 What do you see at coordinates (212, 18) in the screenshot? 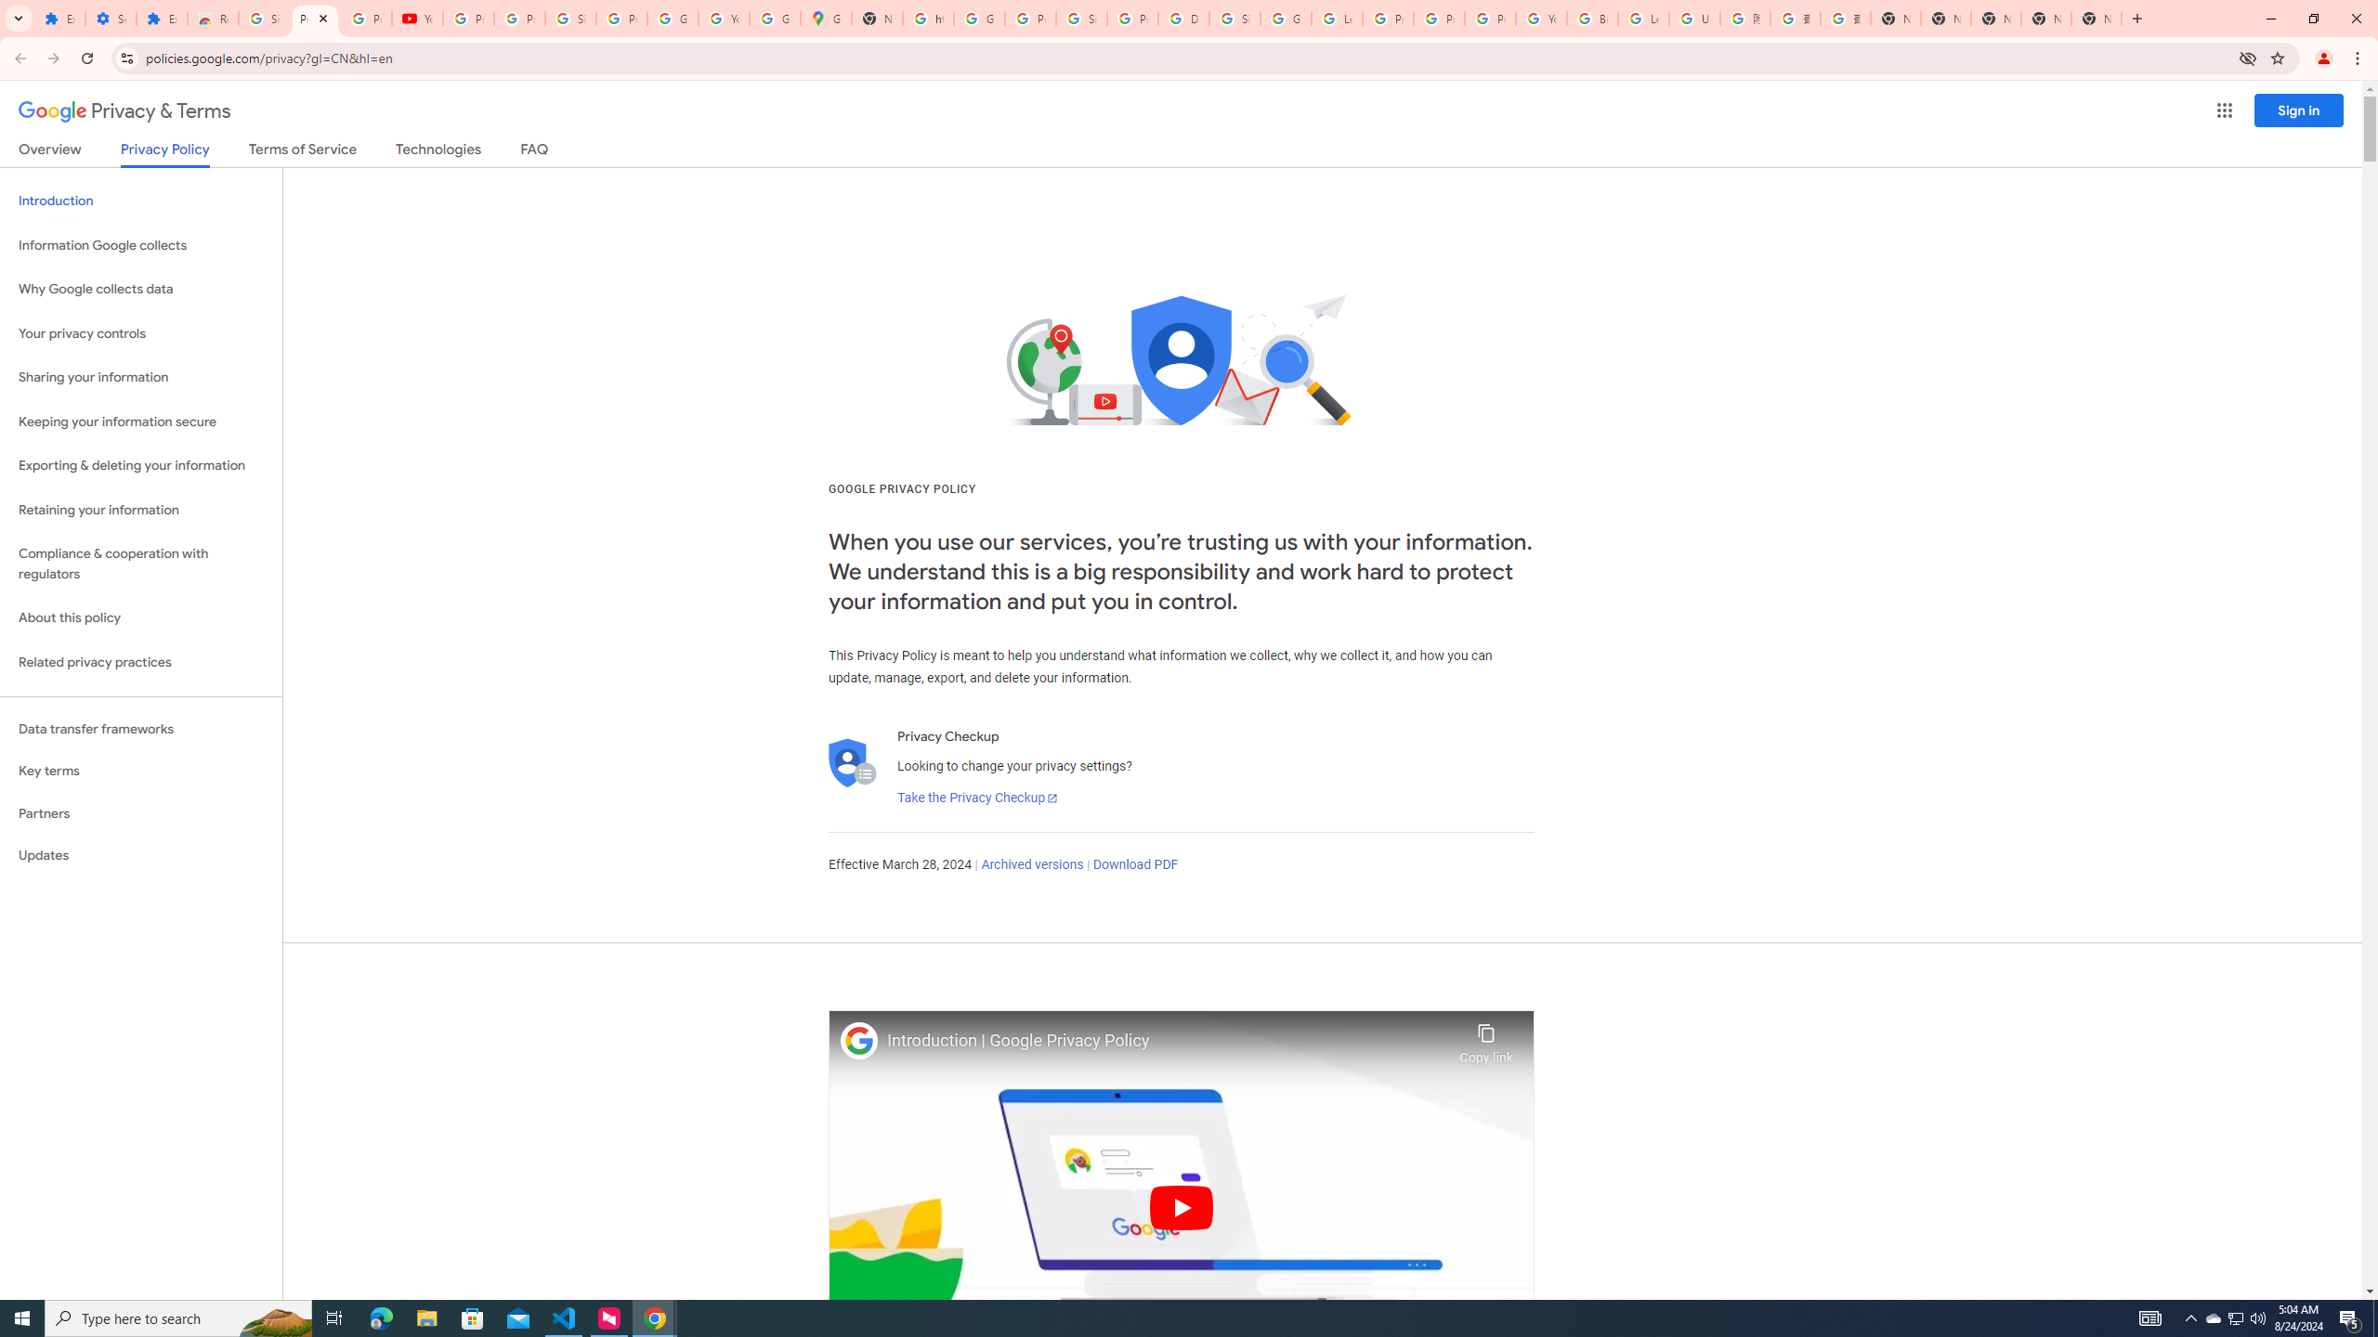
I see `'Reviews: Helix Fruit Jump Arcade Game'` at bounding box center [212, 18].